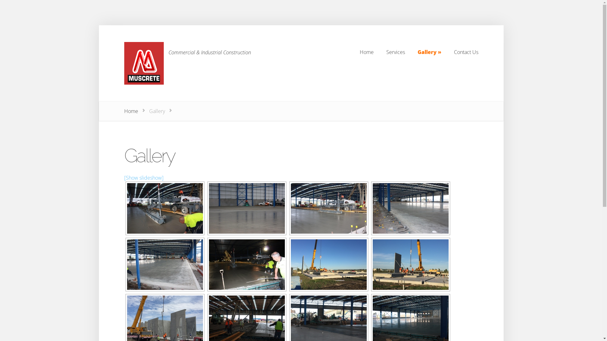 Image resolution: width=607 pixels, height=341 pixels. What do you see at coordinates (466, 52) in the screenshot?
I see `'Contact Us'` at bounding box center [466, 52].